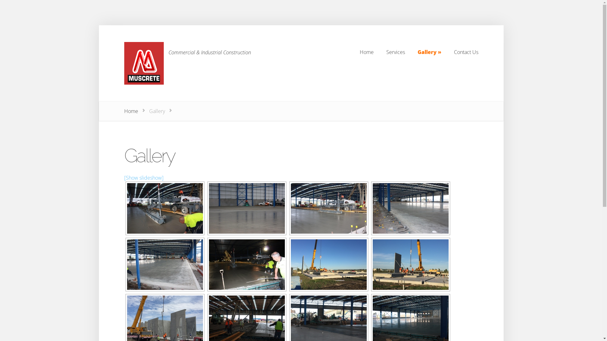 Image resolution: width=607 pixels, height=341 pixels. What do you see at coordinates (466, 52) in the screenshot?
I see `'Contact Us'` at bounding box center [466, 52].